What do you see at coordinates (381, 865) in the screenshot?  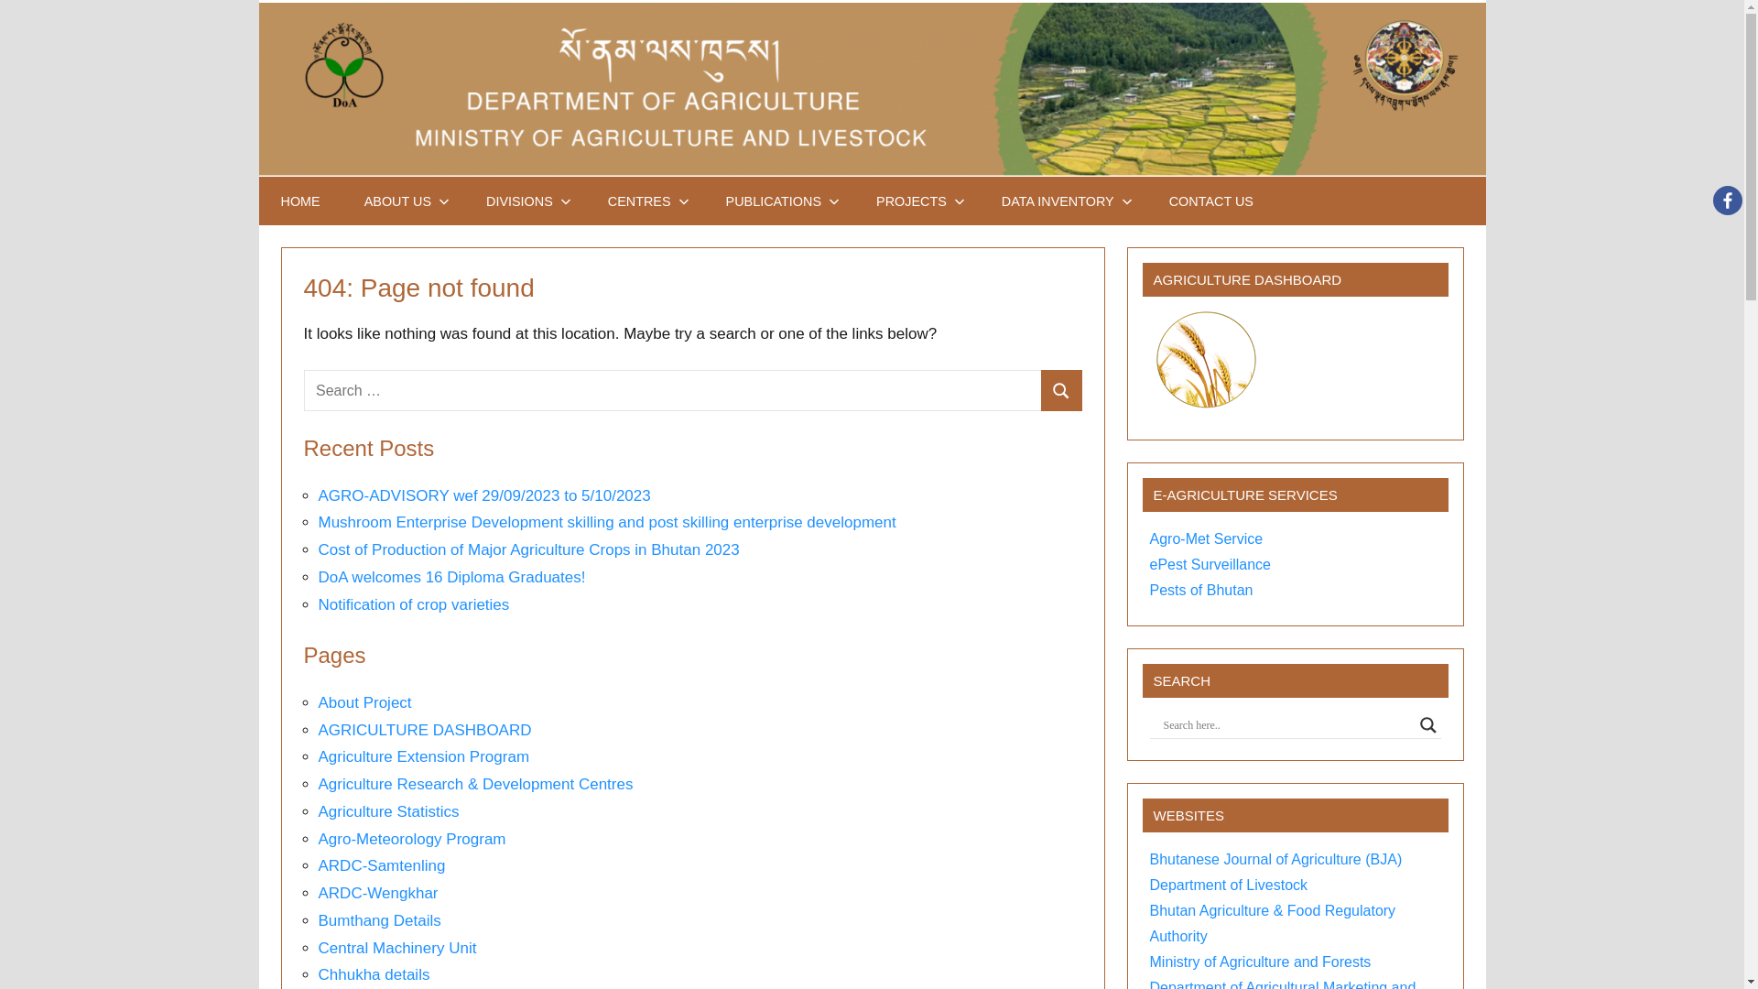 I see `'ARDC-Samtenling'` at bounding box center [381, 865].